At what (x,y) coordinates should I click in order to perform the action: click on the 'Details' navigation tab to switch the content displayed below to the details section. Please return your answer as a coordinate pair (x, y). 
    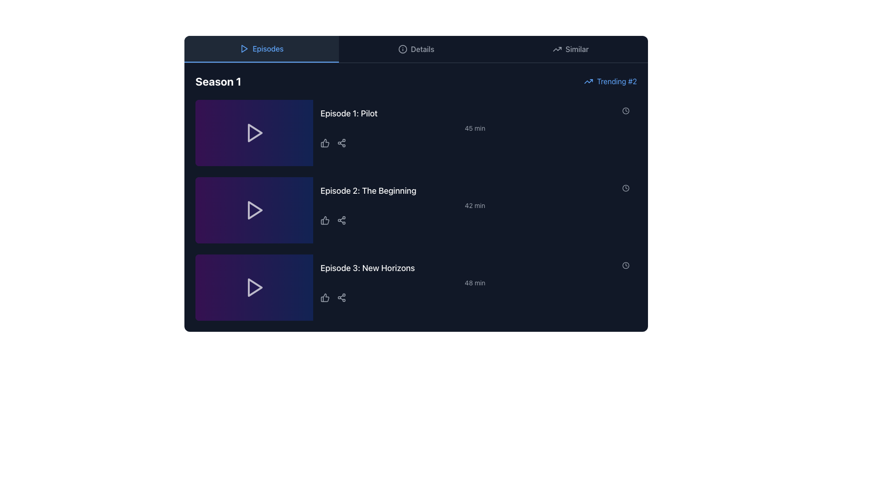
    Looking at the image, I should click on (416, 49).